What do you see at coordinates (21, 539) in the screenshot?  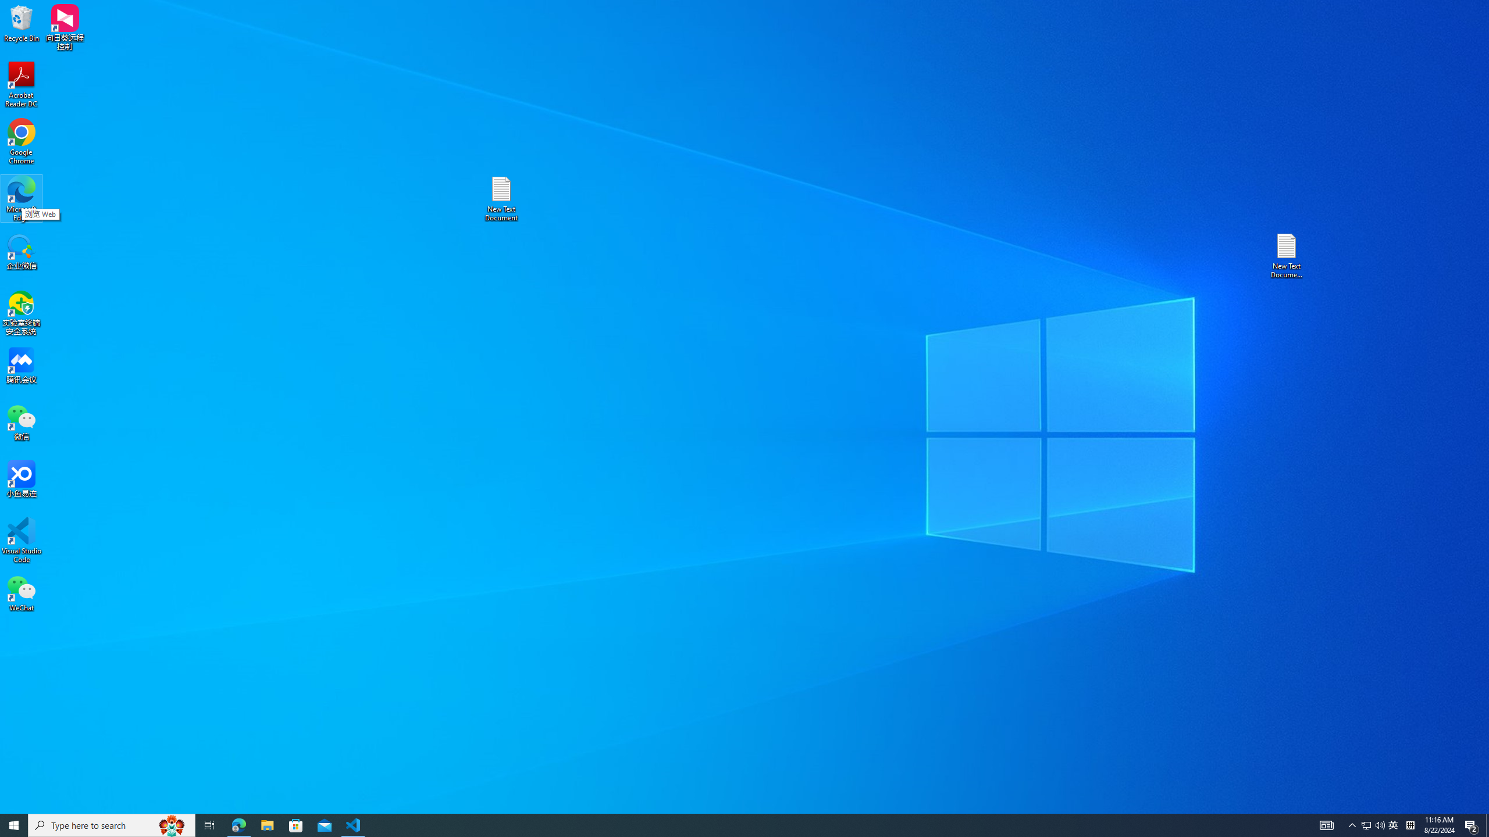 I see `'Visual Studio Code'` at bounding box center [21, 539].